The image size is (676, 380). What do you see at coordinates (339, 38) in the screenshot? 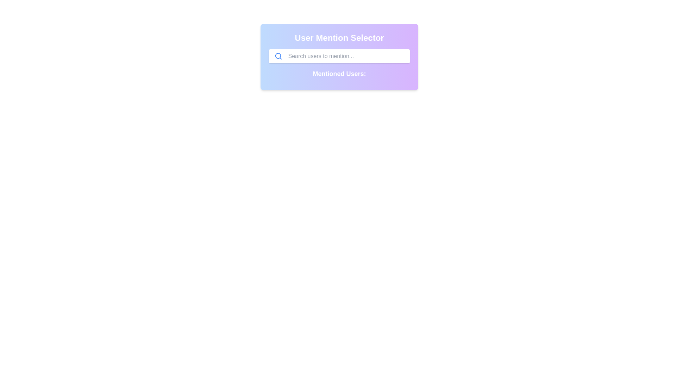
I see `the Static text heading that indicates the purpose of the containing card layout, positioned at the top of the content block with the text 'Mentioned Users:'` at bounding box center [339, 38].